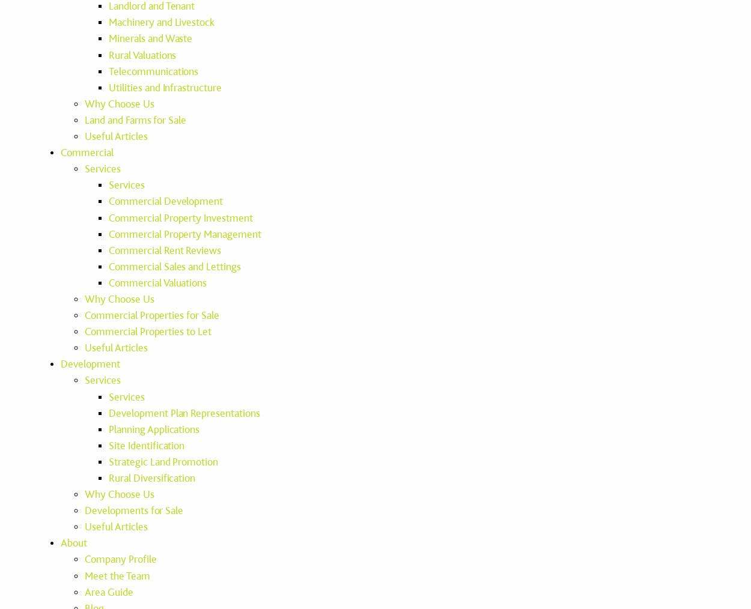 The width and height of the screenshot is (751, 609). Describe the element at coordinates (109, 55) in the screenshot. I see `'Rural Valuations'` at that location.